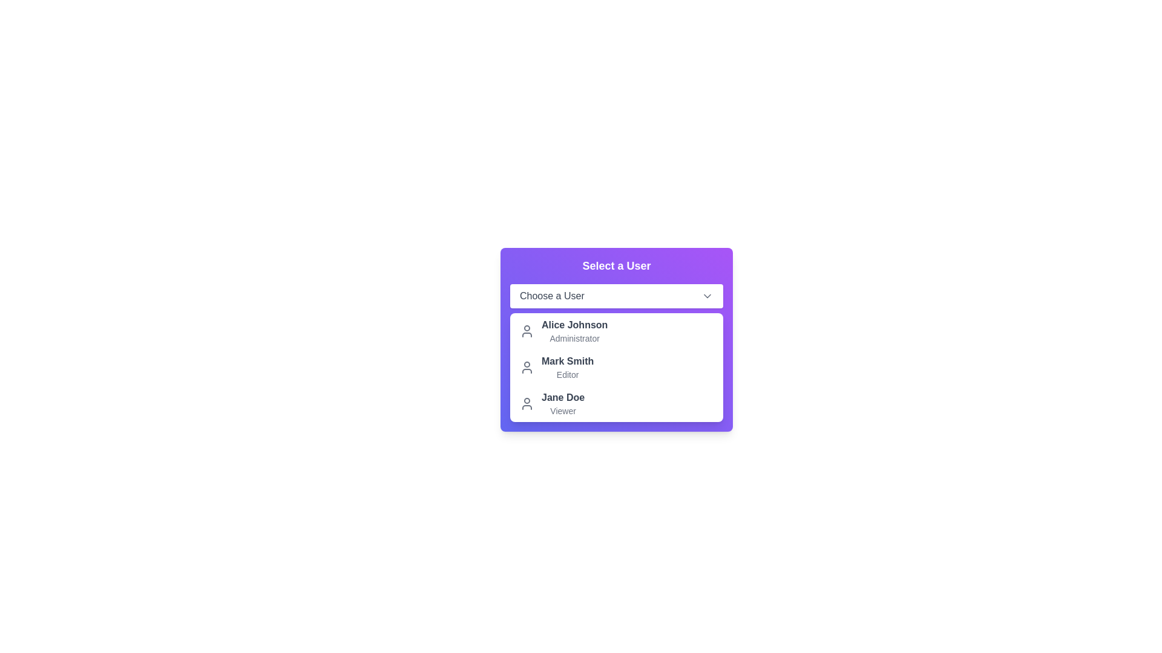 Image resolution: width=1162 pixels, height=653 pixels. What do you see at coordinates (574, 331) in the screenshot?
I see `the non-interactive Text Label displaying the user's name and role in the user selection dropdown menu, positioned in the top-left corner of the list` at bounding box center [574, 331].